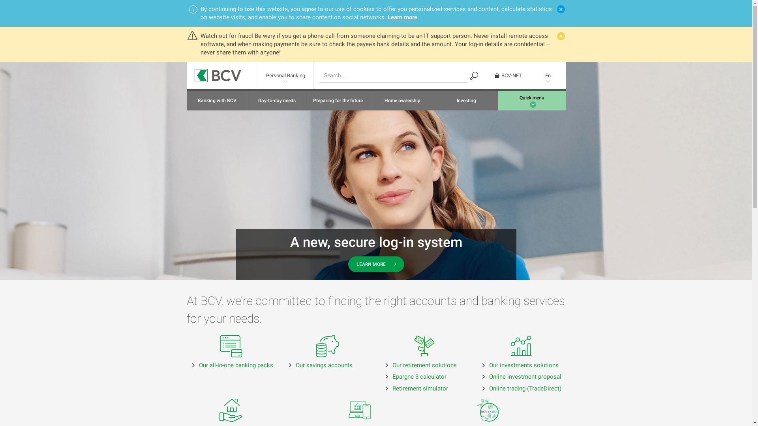  I want to click on 'BCV-NET', so click(508, 75).